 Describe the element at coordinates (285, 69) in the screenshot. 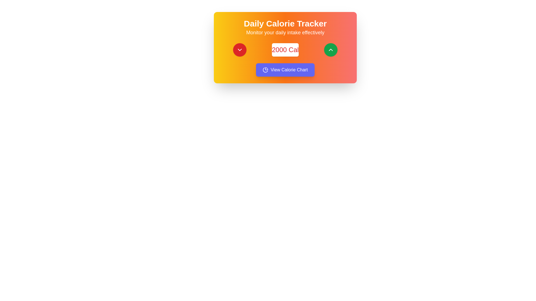

I see `the prominent rectangular button with a bold purple background and white text labeled 'View Calorie Chart', featuring a pie chart icon on the left` at that location.